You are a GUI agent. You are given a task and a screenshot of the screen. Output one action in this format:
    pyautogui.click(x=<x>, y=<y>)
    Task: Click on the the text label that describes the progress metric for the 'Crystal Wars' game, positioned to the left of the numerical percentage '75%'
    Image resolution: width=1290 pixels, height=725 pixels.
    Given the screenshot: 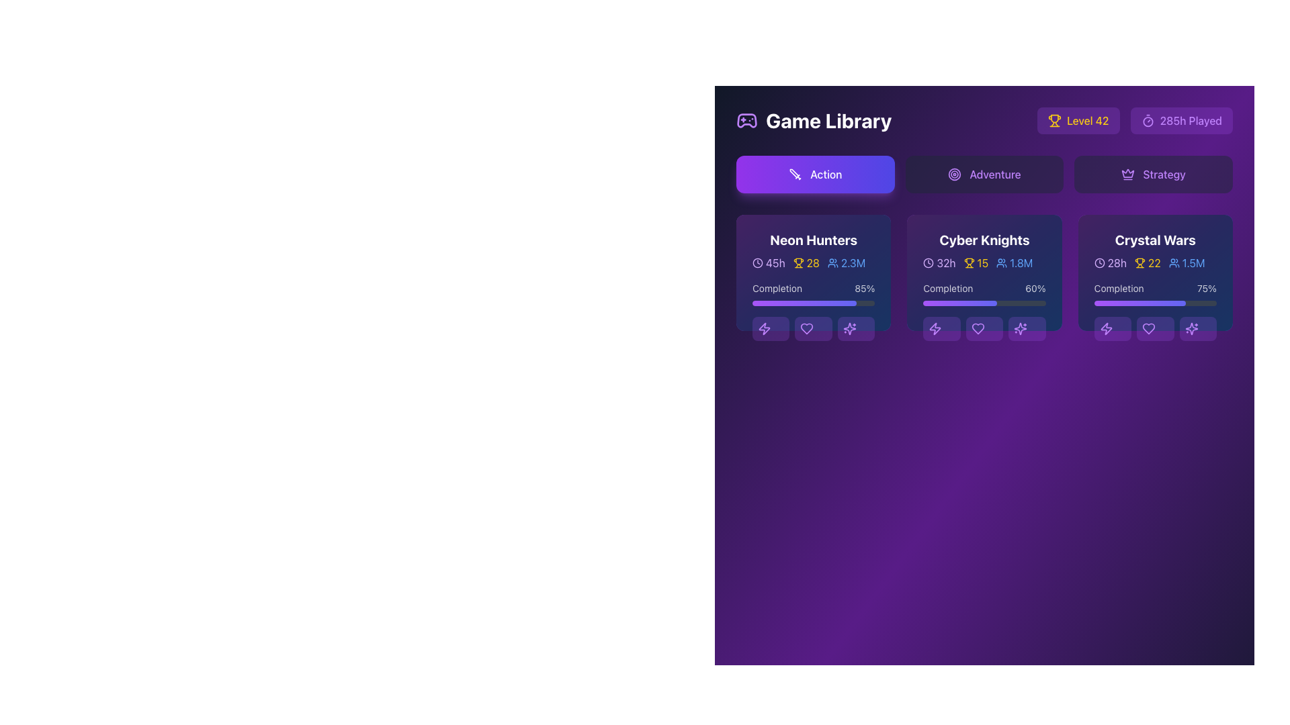 What is the action you would take?
    pyautogui.click(x=1119, y=287)
    